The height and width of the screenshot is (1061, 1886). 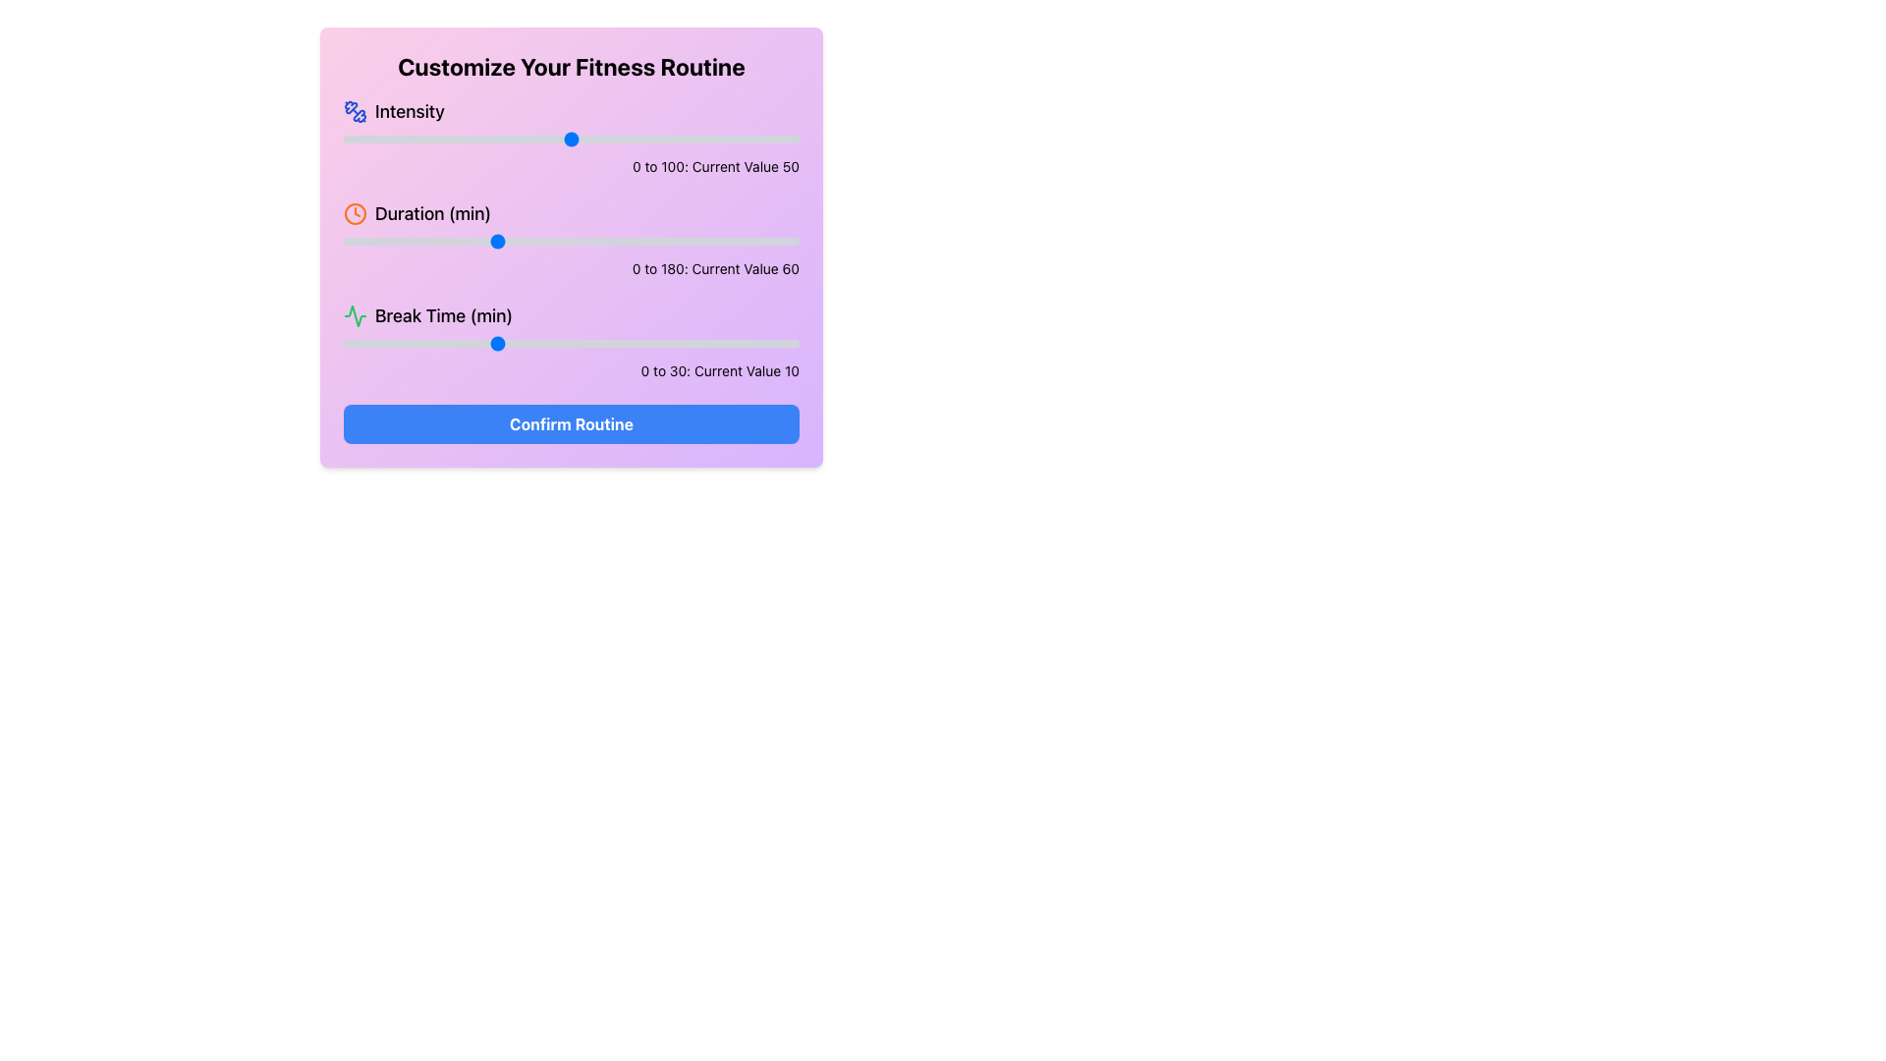 I want to click on the intensity slider, so click(x=790, y=139).